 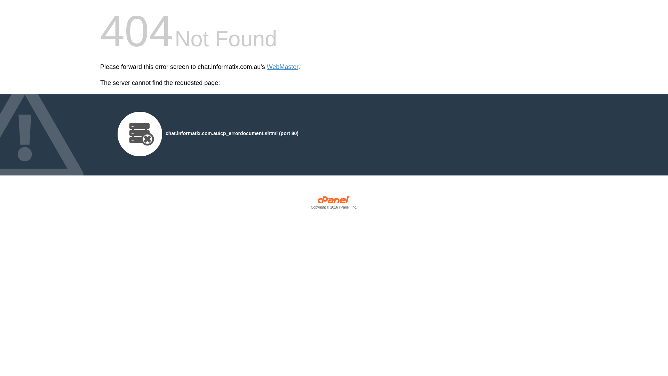 I want to click on 'WebMaster', so click(x=283, y=67).